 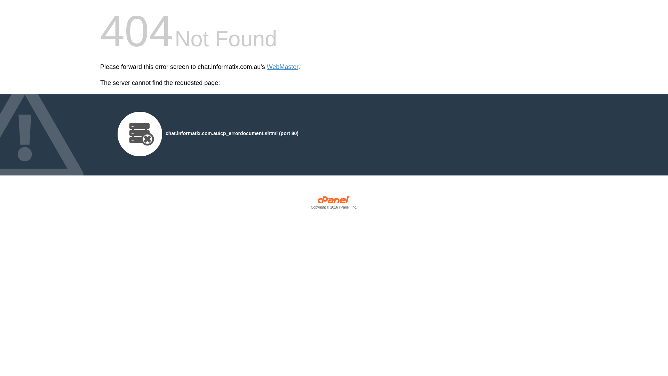 I want to click on 'WebMaster', so click(x=283, y=67).